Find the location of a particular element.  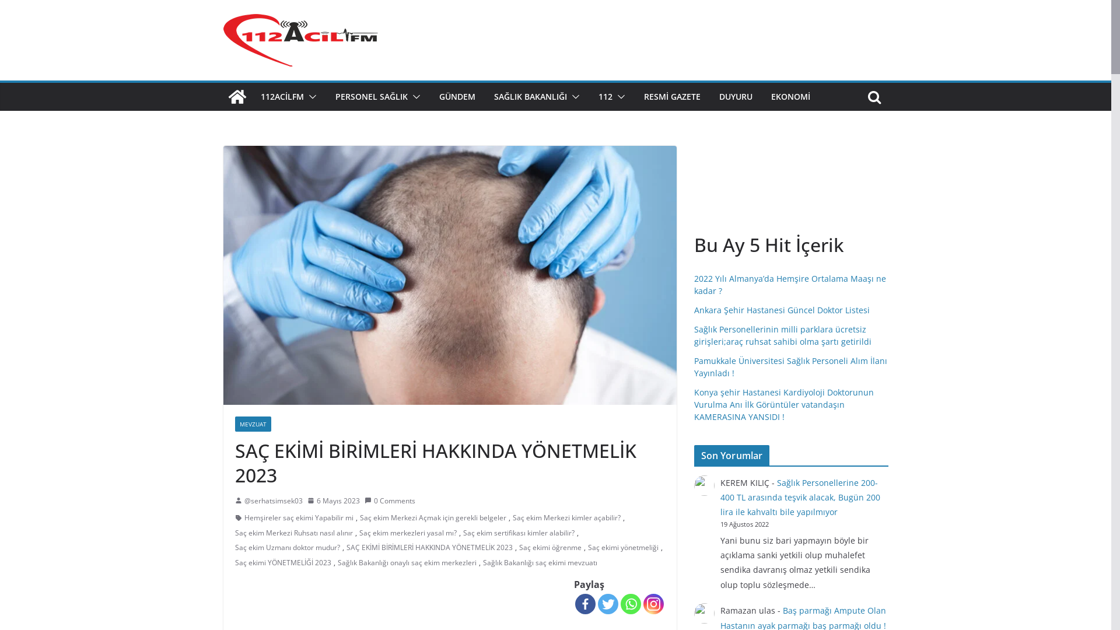

'RESMI GAZETE' is located at coordinates (672, 96).